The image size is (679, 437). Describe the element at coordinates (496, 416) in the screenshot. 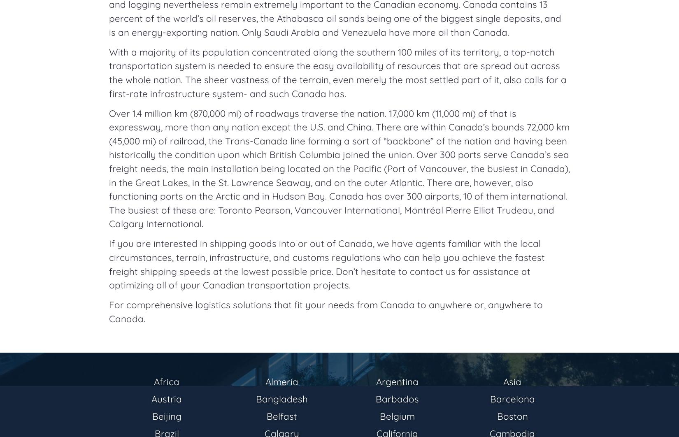

I see `'Boston'` at that location.